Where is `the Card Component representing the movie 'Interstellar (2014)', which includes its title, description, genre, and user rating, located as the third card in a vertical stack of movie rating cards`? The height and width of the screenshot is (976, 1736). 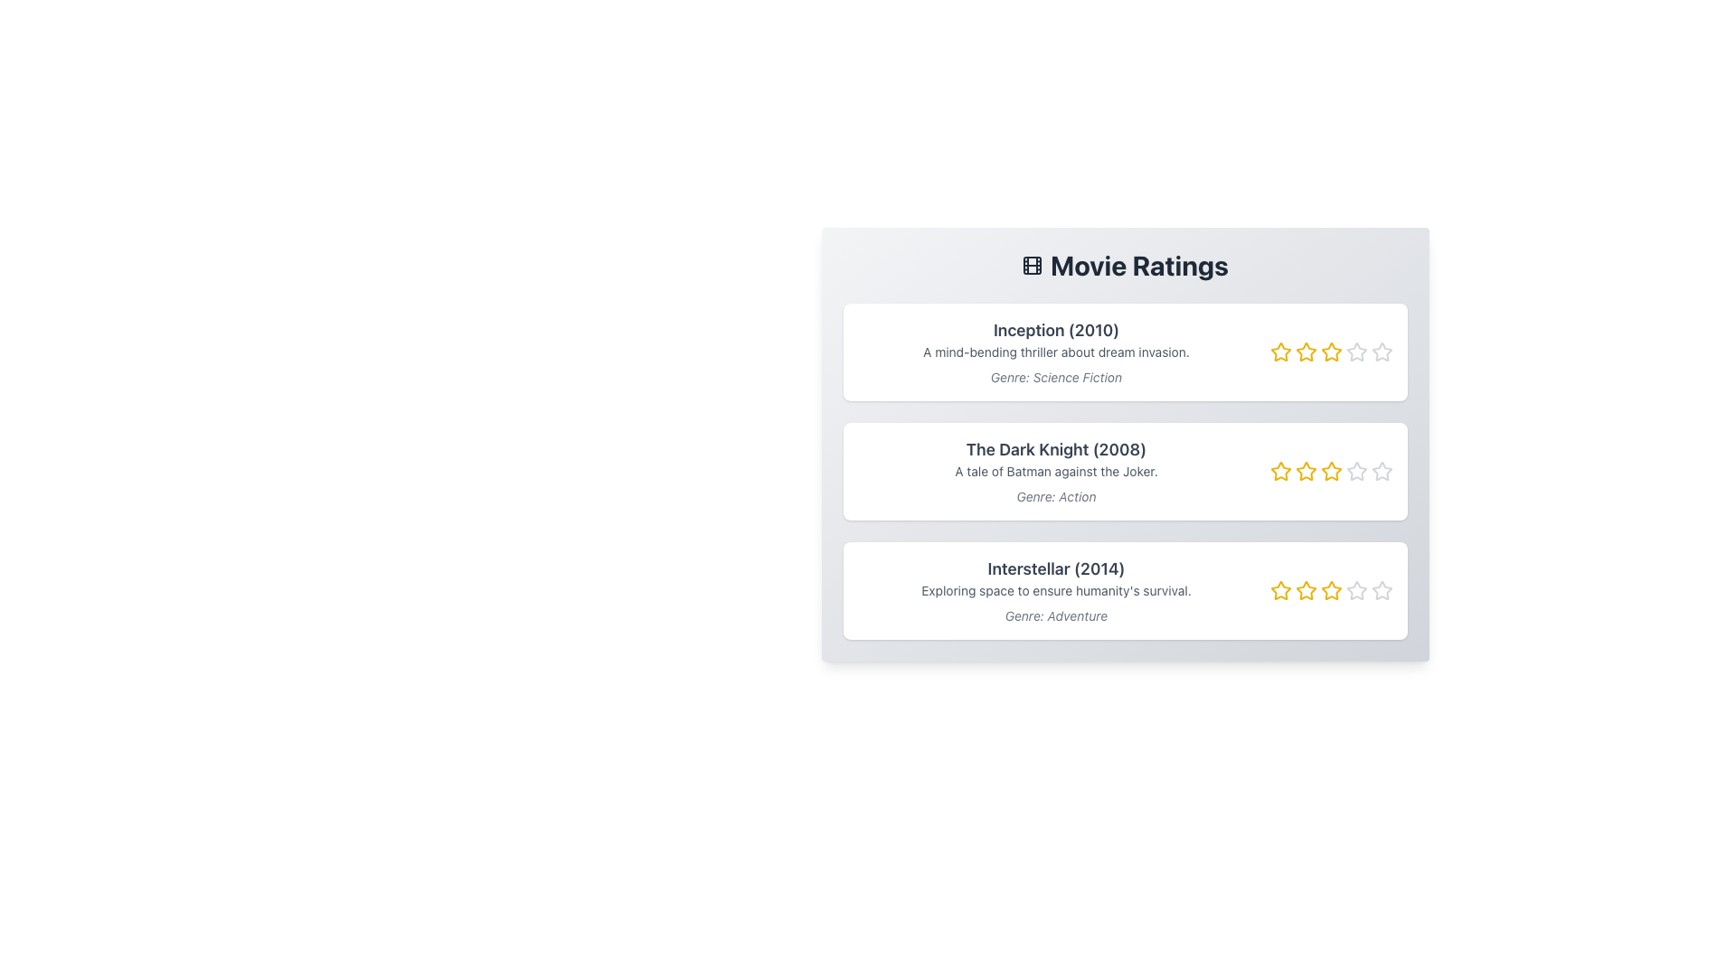
the Card Component representing the movie 'Interstellar (2014)', which includes its title, description, genre, and user rating, located as the third card in a vertical stack of movie rating cards is located at coordinates (1124, 591).